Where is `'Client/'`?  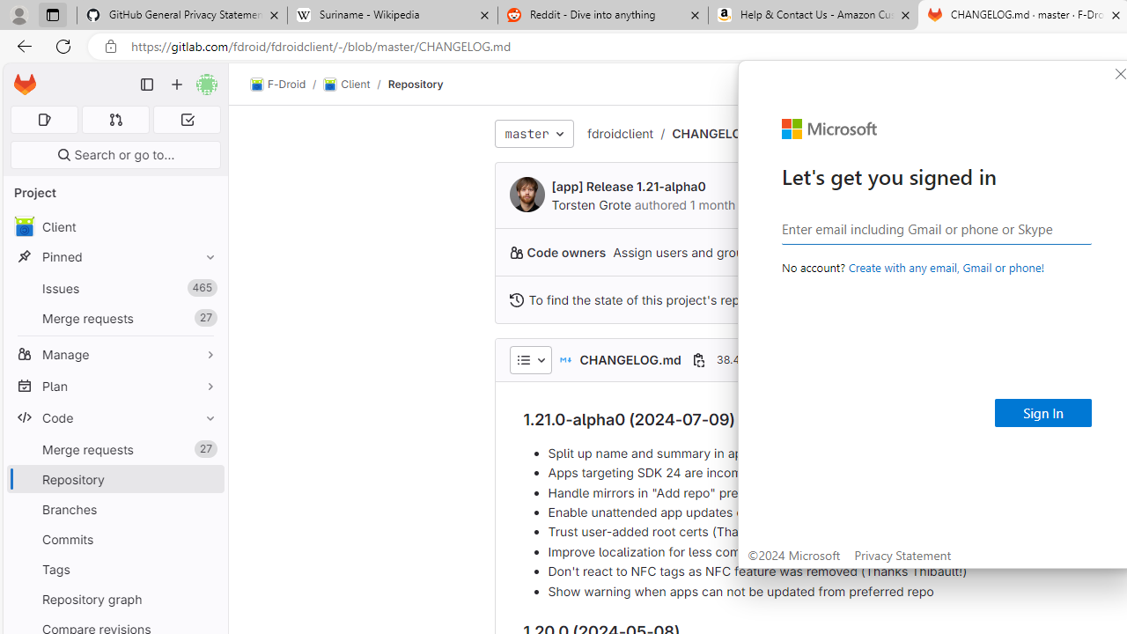
'Client/' is located at coordinates (355, 85).